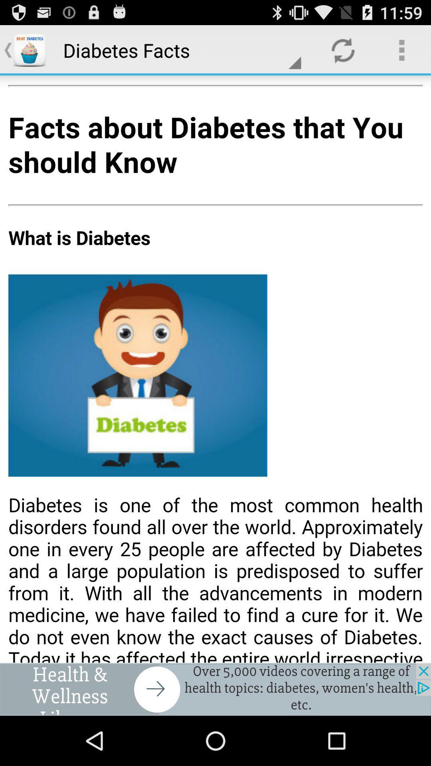 Image resolution: width=431 pixels, height=766 pixels. I want to click on advertisement bar, so click(215, 689).